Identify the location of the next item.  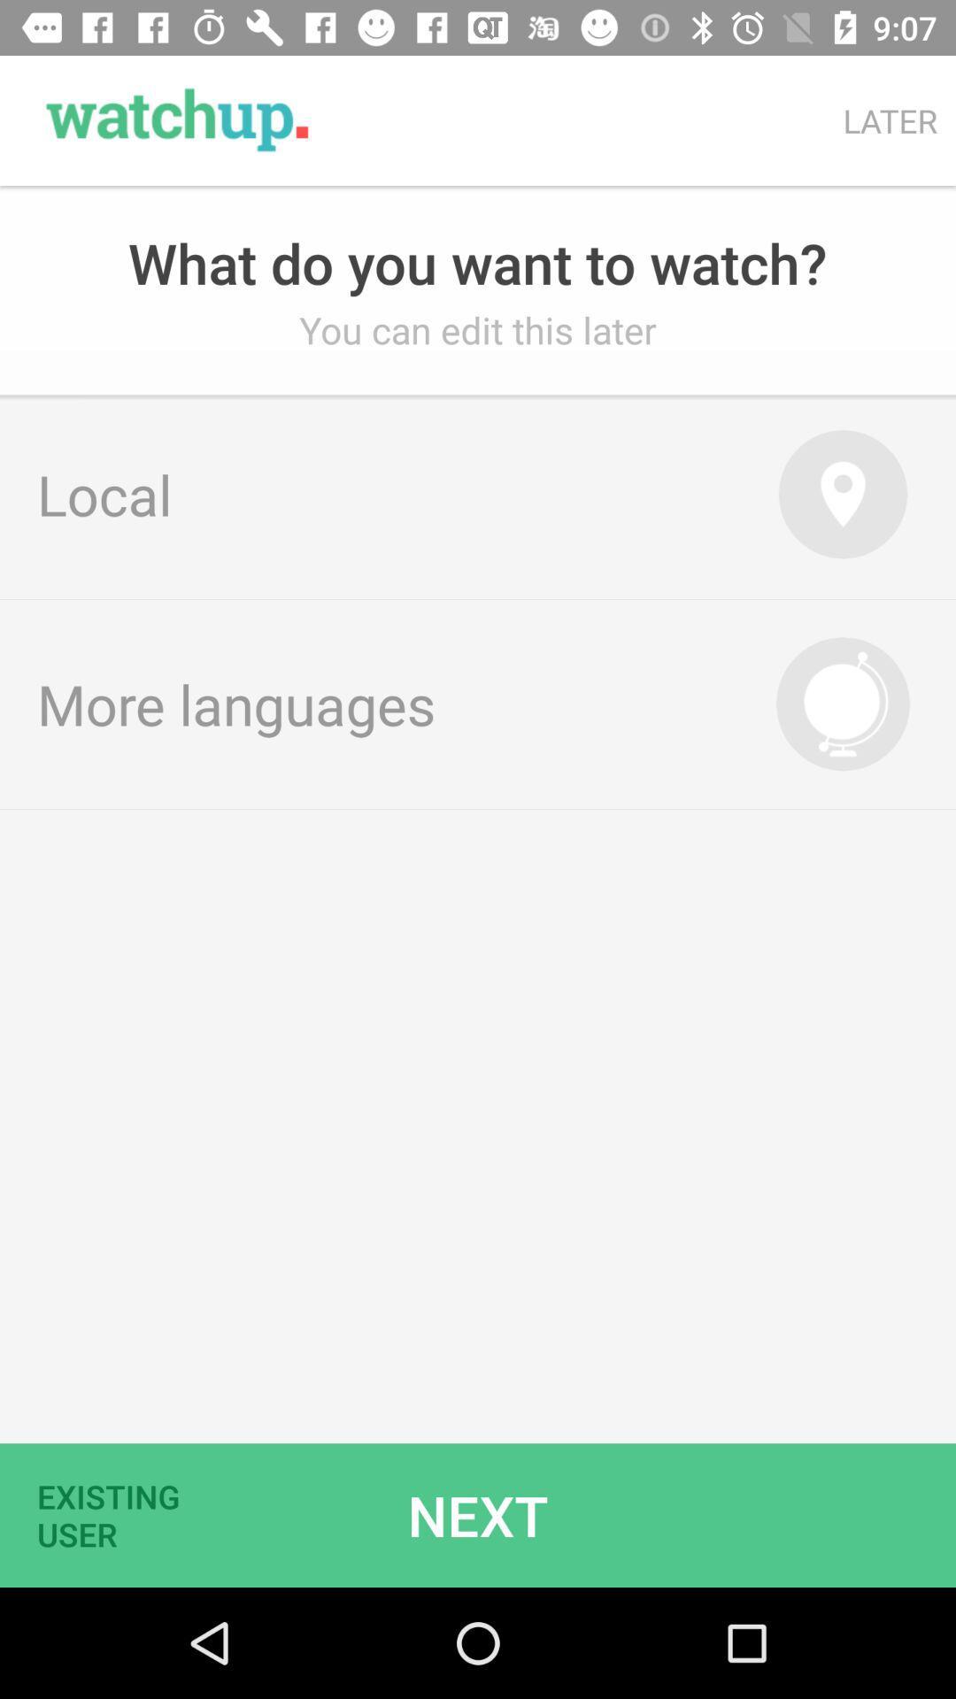
(478, 1514).